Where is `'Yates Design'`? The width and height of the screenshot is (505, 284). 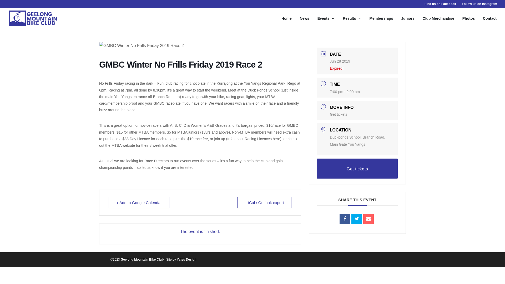 'Yates Design' is located at coordinates (186, 259).